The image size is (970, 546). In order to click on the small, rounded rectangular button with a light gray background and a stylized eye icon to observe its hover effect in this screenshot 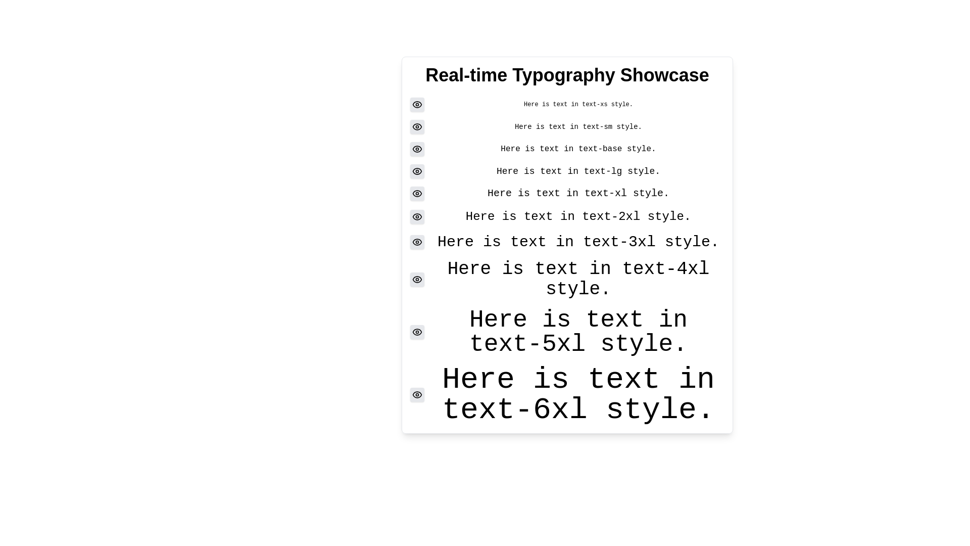, I will do `click(417, 149)`.